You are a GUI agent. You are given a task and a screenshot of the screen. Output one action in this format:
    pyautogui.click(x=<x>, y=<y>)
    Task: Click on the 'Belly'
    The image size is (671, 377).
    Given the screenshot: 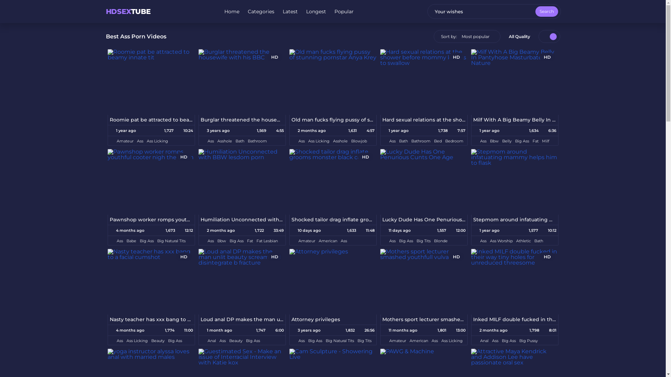 What is the action you would take?
    pyautogui.click(x=501, y=141)
    